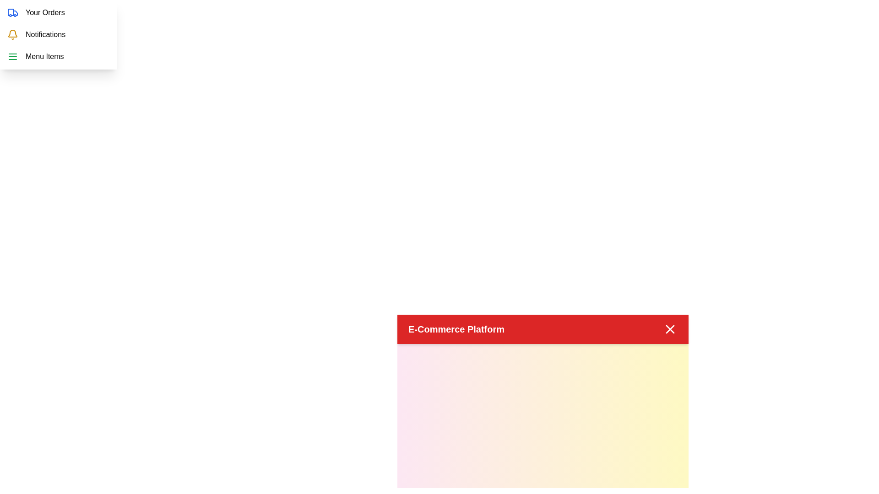  What do you see at coordinates (13, 33) in the screenshot?
I see `the yellow bell-shaped icon used for notifications, which is the second item in a vertical list of three elements` at bounding box center [13, 33].